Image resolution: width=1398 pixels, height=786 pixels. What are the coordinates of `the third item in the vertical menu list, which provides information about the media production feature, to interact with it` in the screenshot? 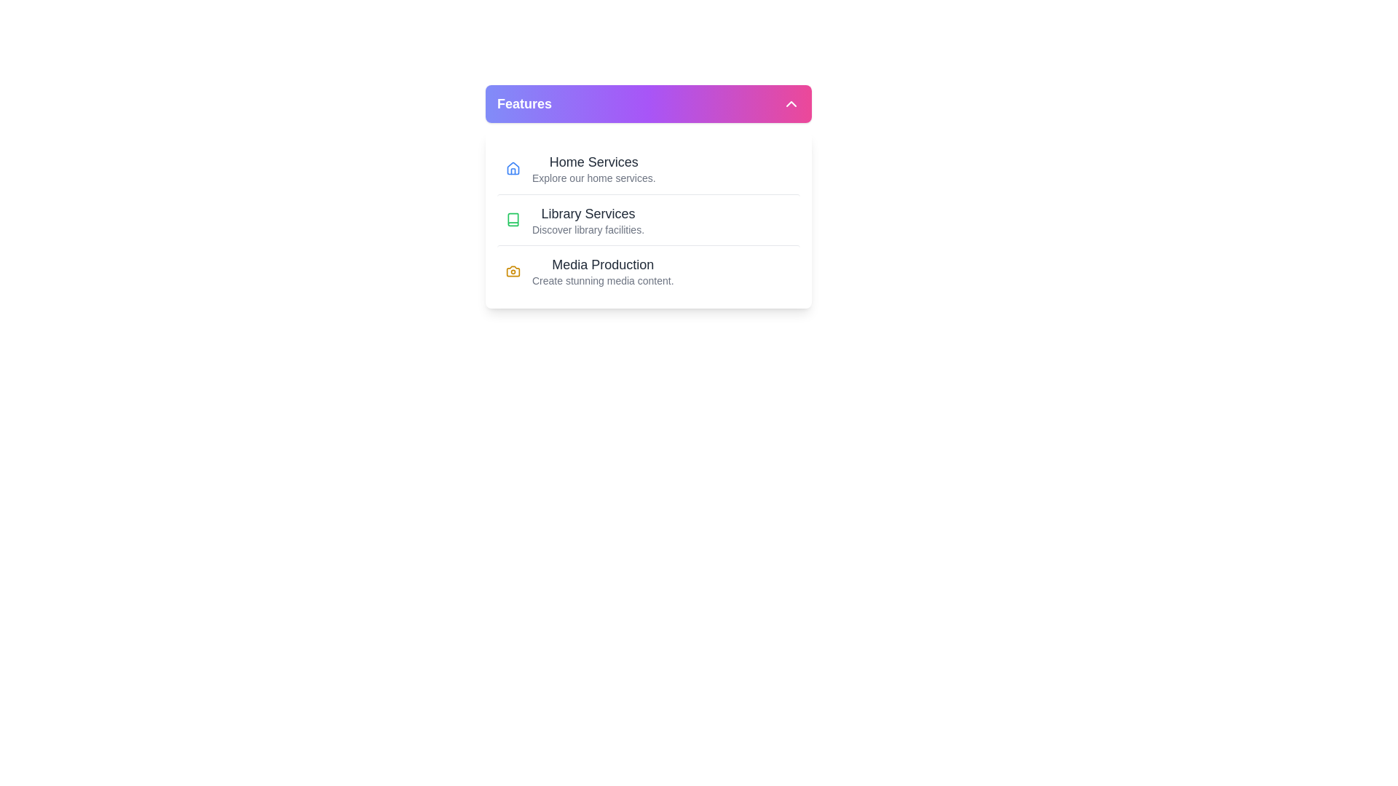 It's located at (603, 271).